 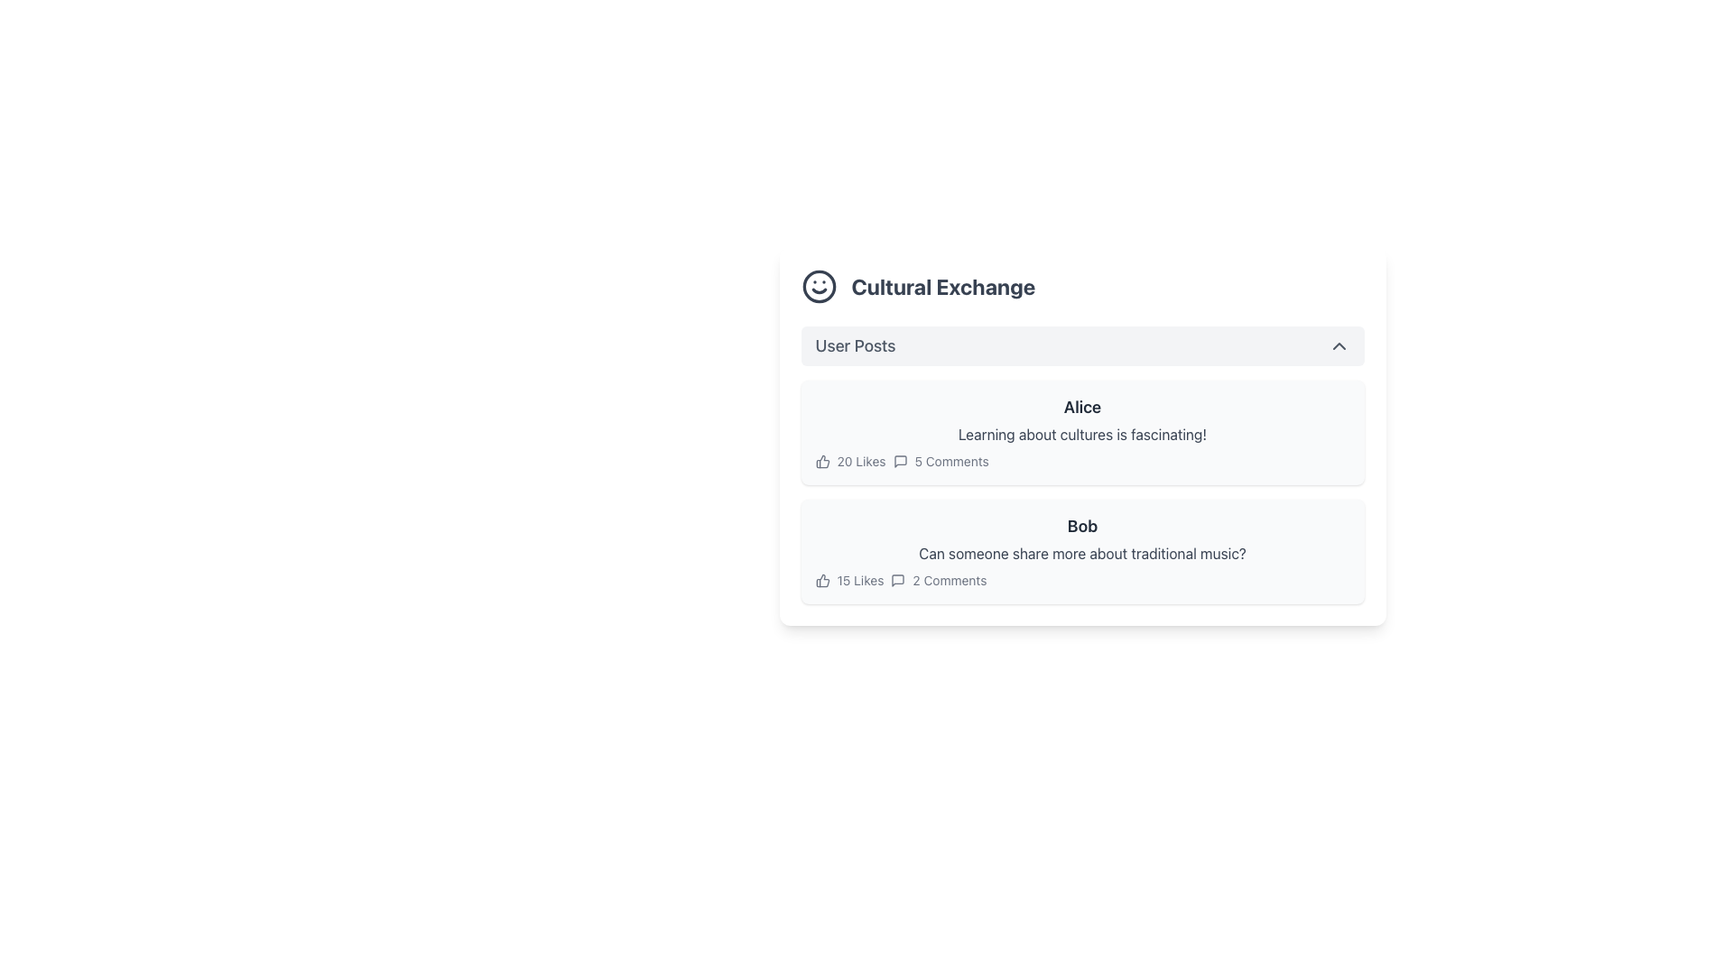 What do you see at coordinates (1082, 551) in the screenshot?
I see `to select the post box containing the text 'Bob' and the question about traditional music, located in the 'Cultural Exchange' section` at bounding box center [1082, 551].